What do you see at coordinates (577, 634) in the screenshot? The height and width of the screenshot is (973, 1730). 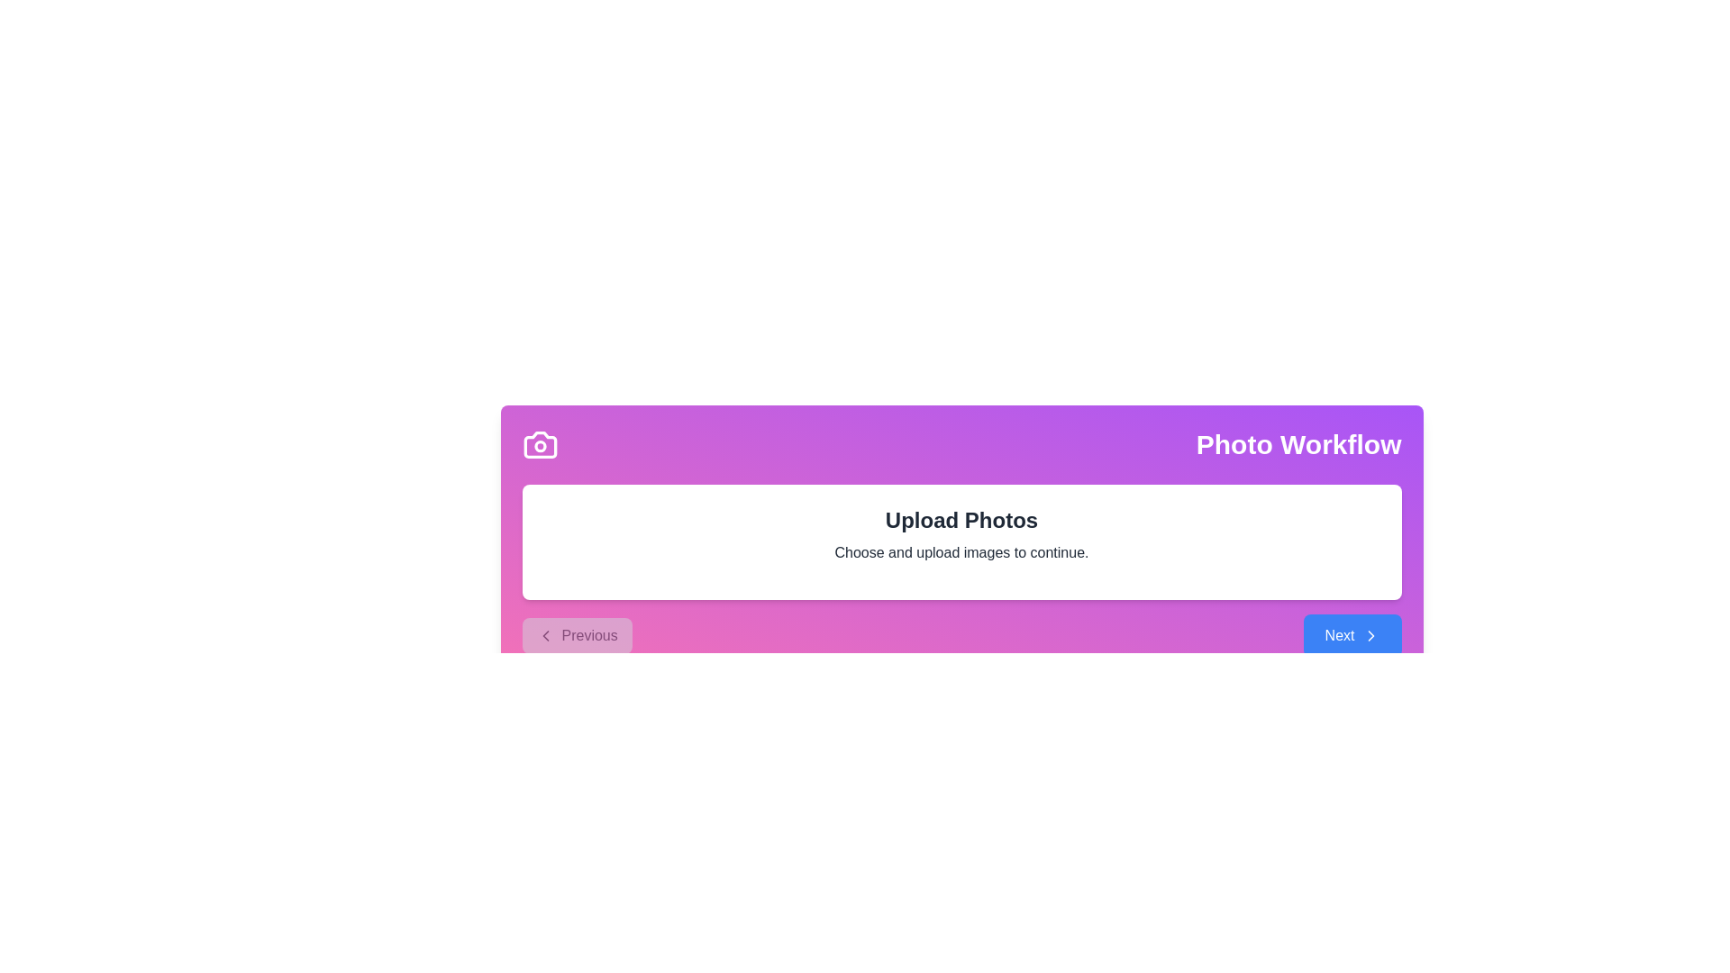 I see `the 'Previous' navigation button, which is the leftmost button in a horizontal layout` at bounding box center [577, 634].